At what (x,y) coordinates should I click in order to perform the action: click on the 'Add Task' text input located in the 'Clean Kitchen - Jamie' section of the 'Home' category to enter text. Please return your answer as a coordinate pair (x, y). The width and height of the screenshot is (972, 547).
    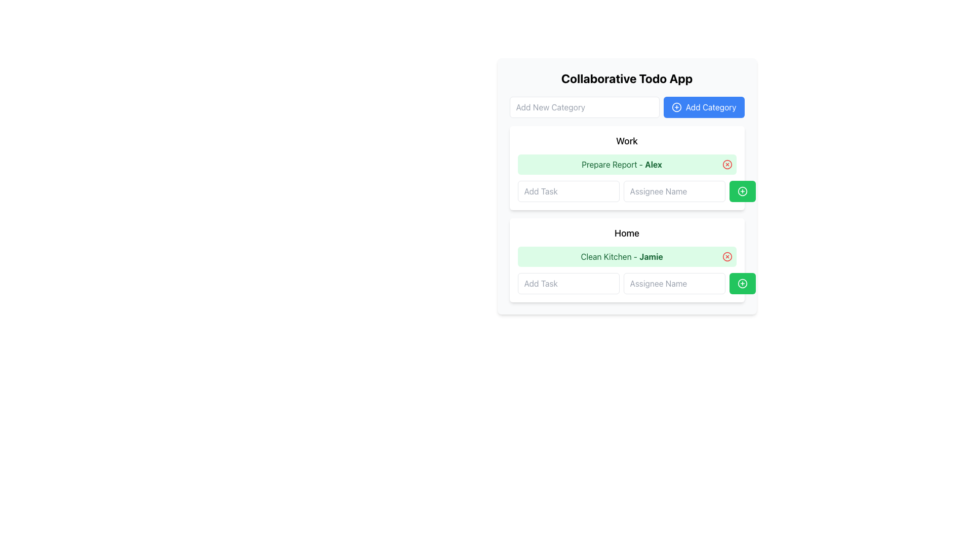
    Looking at the image, I should click on (626, 283).